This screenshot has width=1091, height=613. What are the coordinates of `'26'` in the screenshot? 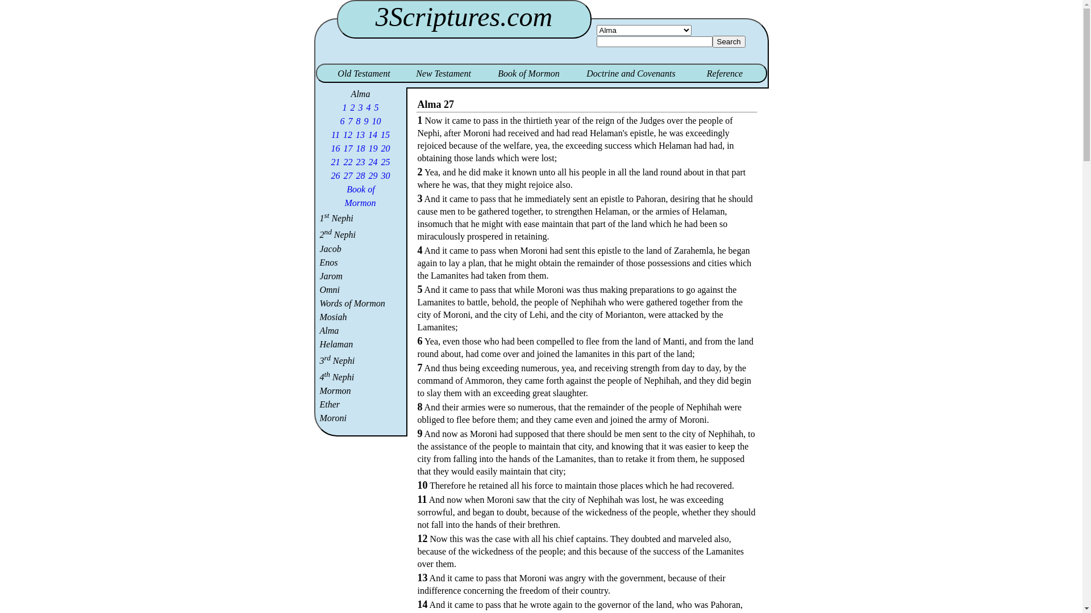 It's located at (335, 175).